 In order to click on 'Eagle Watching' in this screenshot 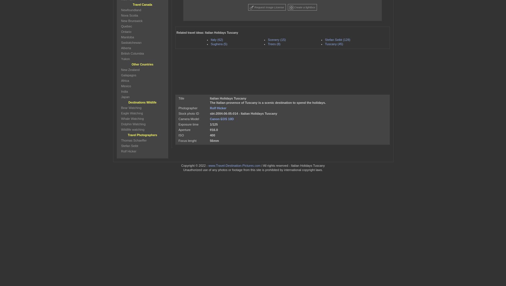, I will do `click(131, 113)`.